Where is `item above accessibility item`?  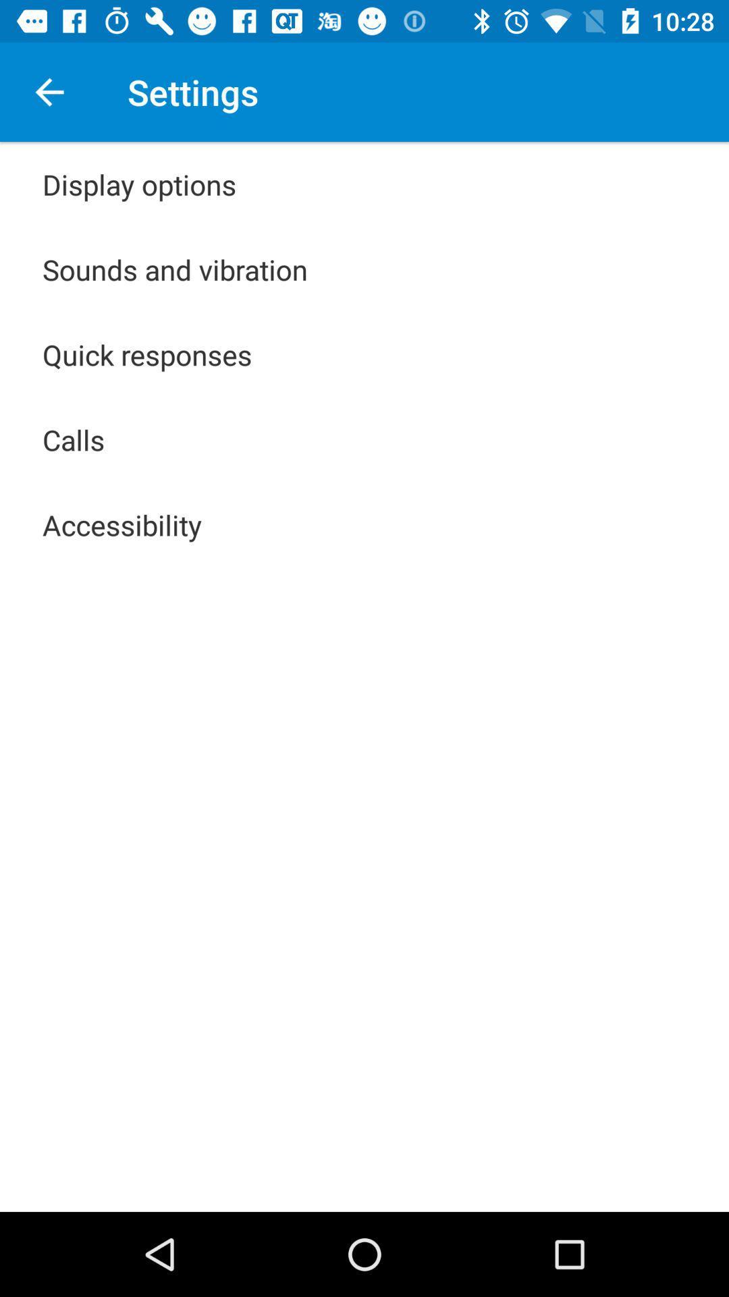 item above accessibility item is located at coordinates (74, 440).